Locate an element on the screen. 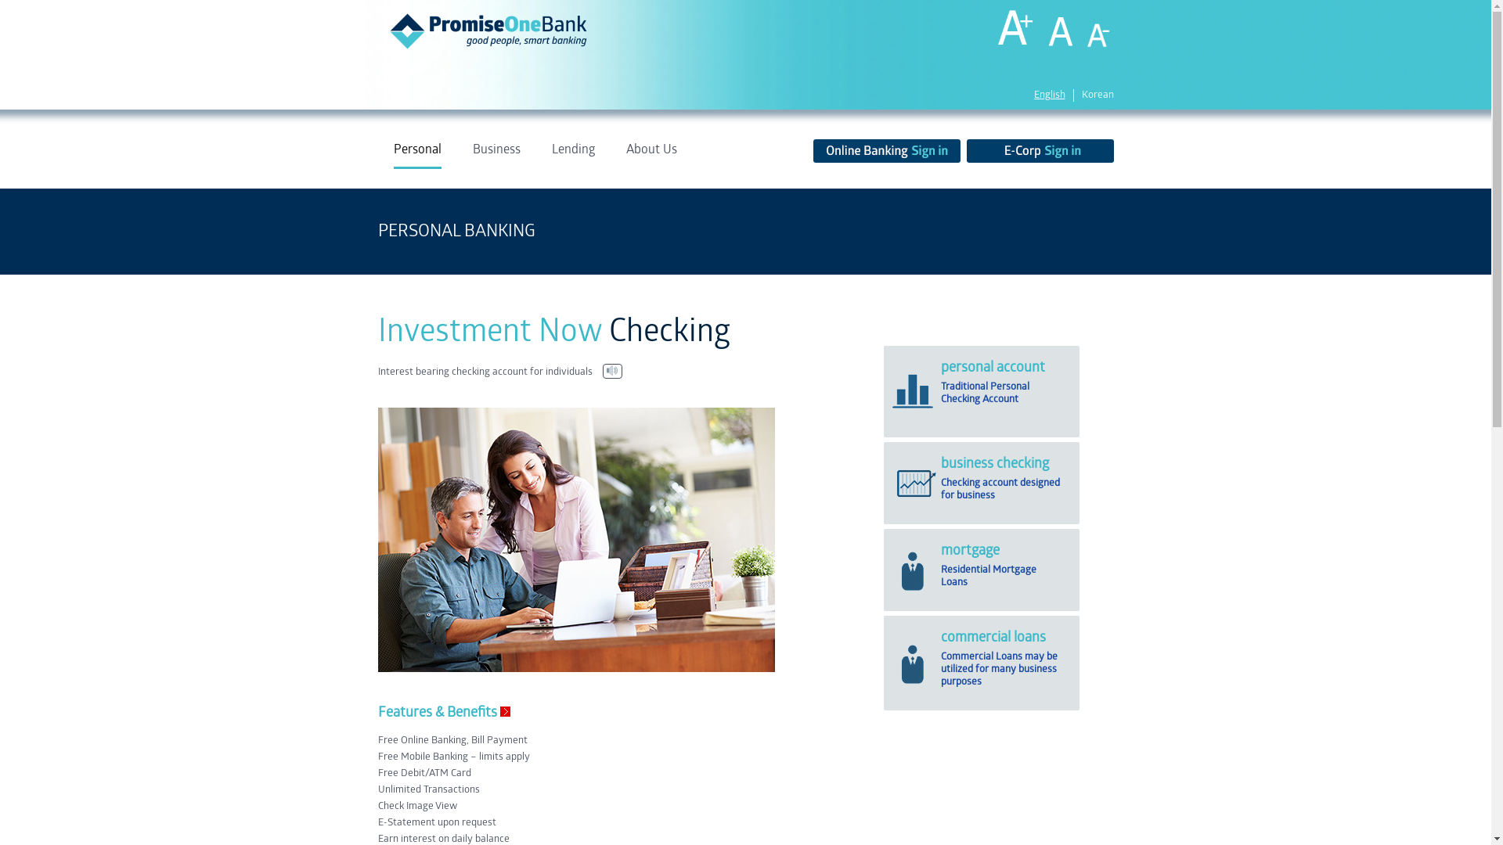 The image size is (1503, 845). 'Personal' is located at coordinates (416, 156).